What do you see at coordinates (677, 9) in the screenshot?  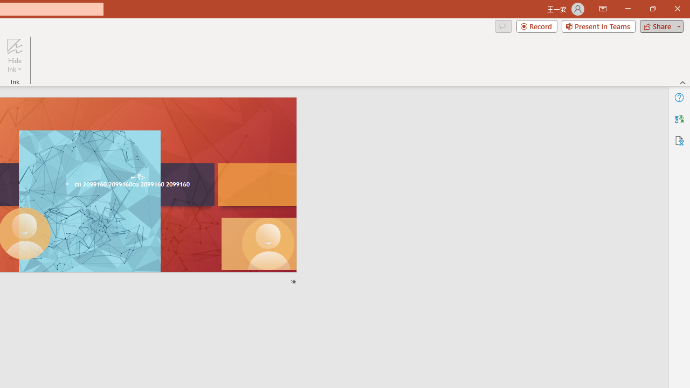 I see `'Close'` at bounding box center [677, 9].